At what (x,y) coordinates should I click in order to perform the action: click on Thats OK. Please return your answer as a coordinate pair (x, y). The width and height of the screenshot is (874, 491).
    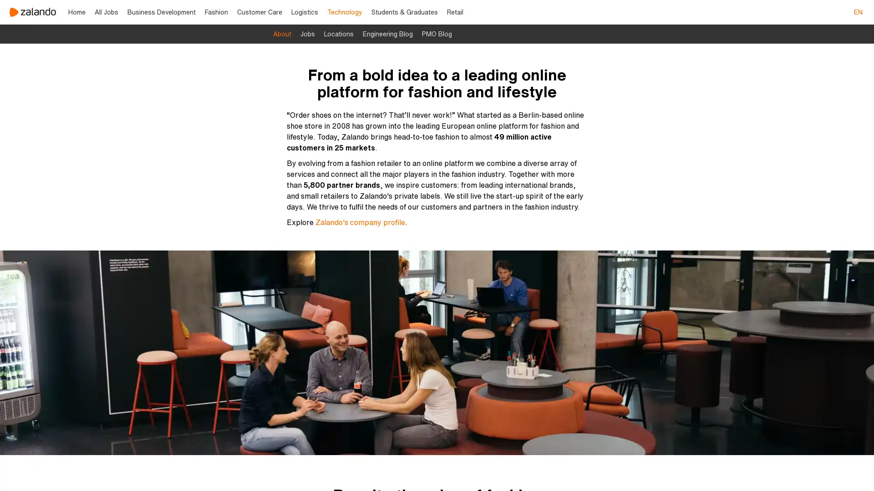
    Looking at the image, I should click on (598, 469).